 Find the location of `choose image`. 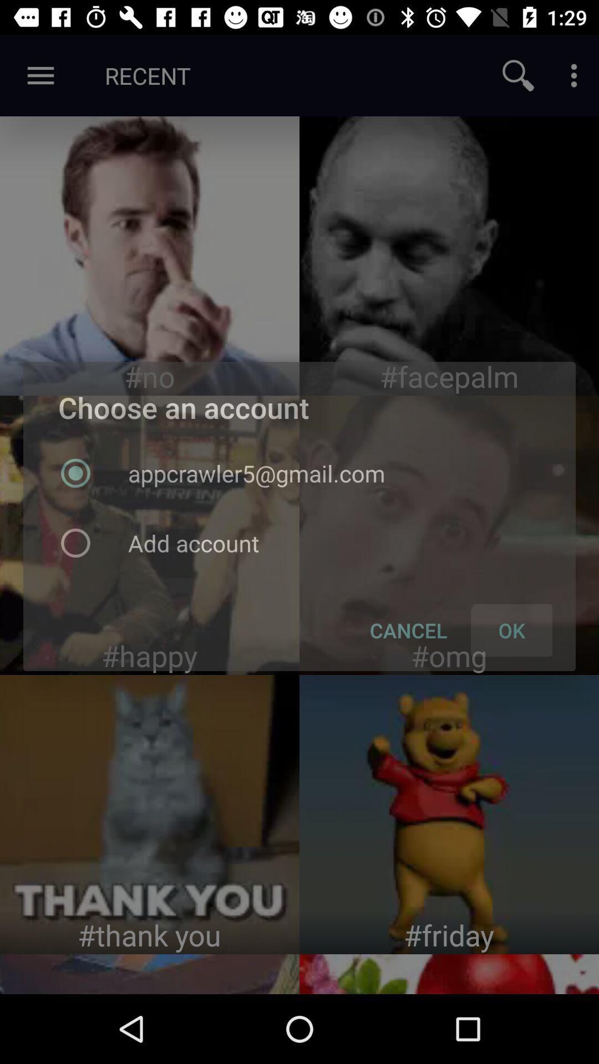

choose image is located at coordinates (150, 814).